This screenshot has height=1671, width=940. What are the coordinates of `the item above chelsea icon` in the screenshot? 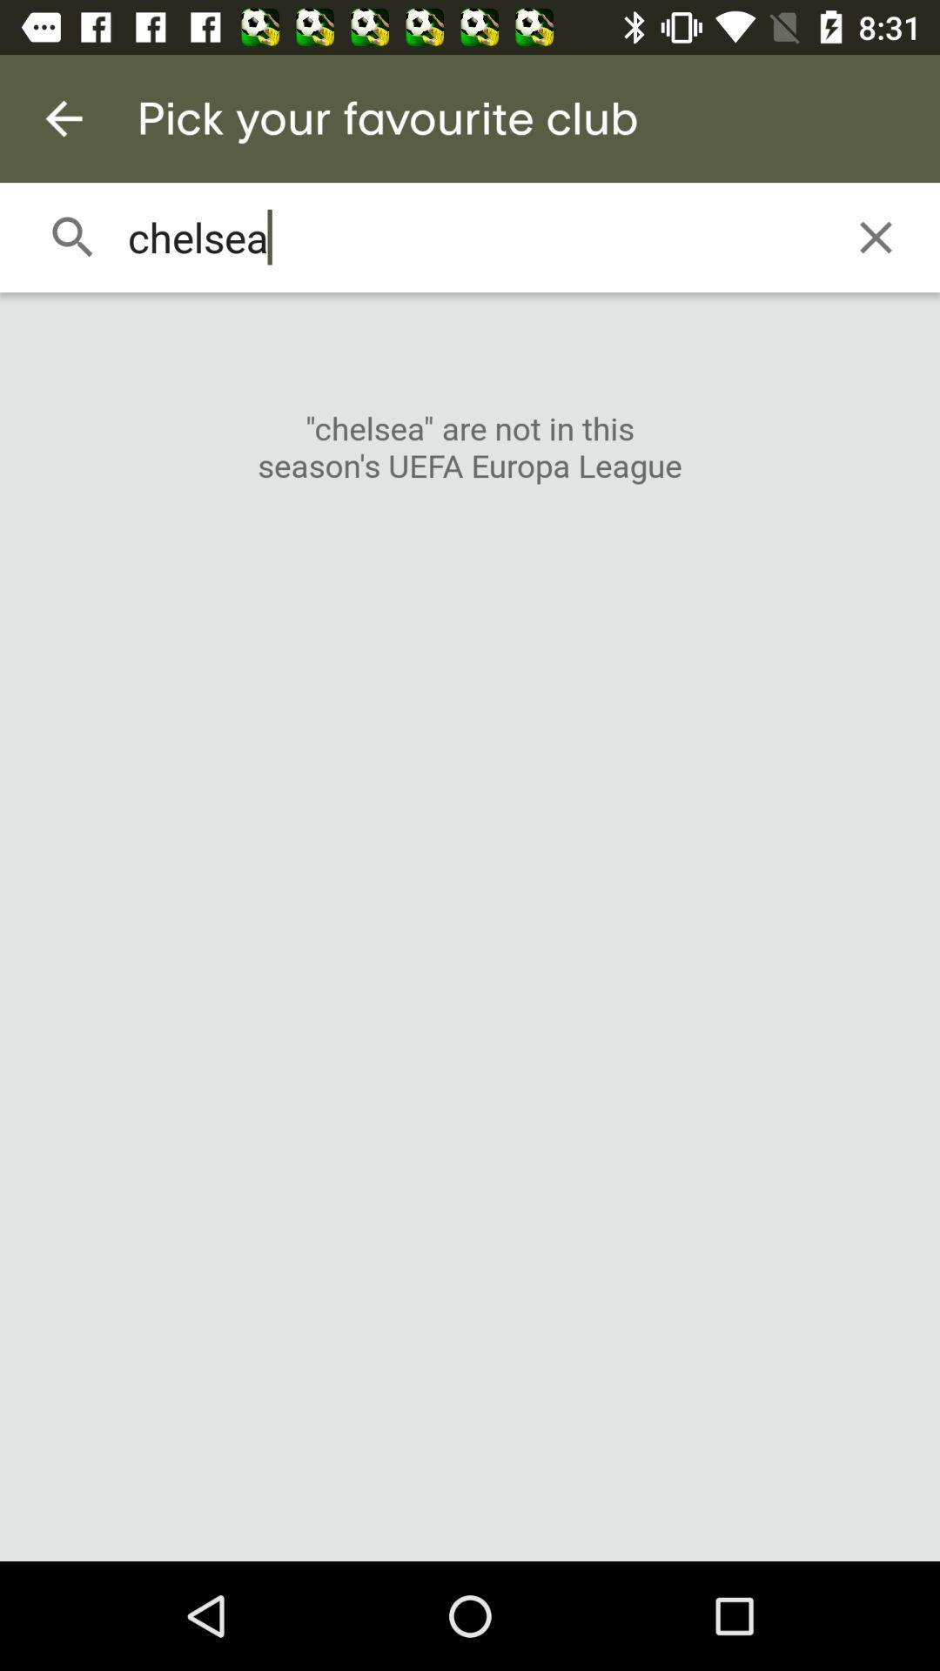 It's located at (63, 117).